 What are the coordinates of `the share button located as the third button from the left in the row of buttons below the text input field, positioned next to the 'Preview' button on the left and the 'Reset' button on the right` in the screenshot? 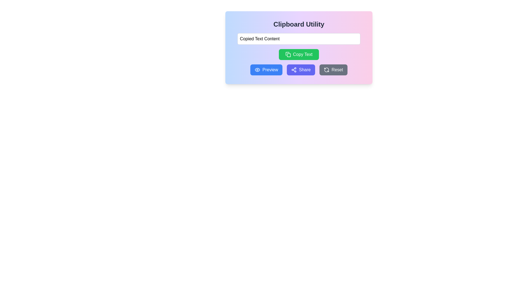 It's located at (304, 69).